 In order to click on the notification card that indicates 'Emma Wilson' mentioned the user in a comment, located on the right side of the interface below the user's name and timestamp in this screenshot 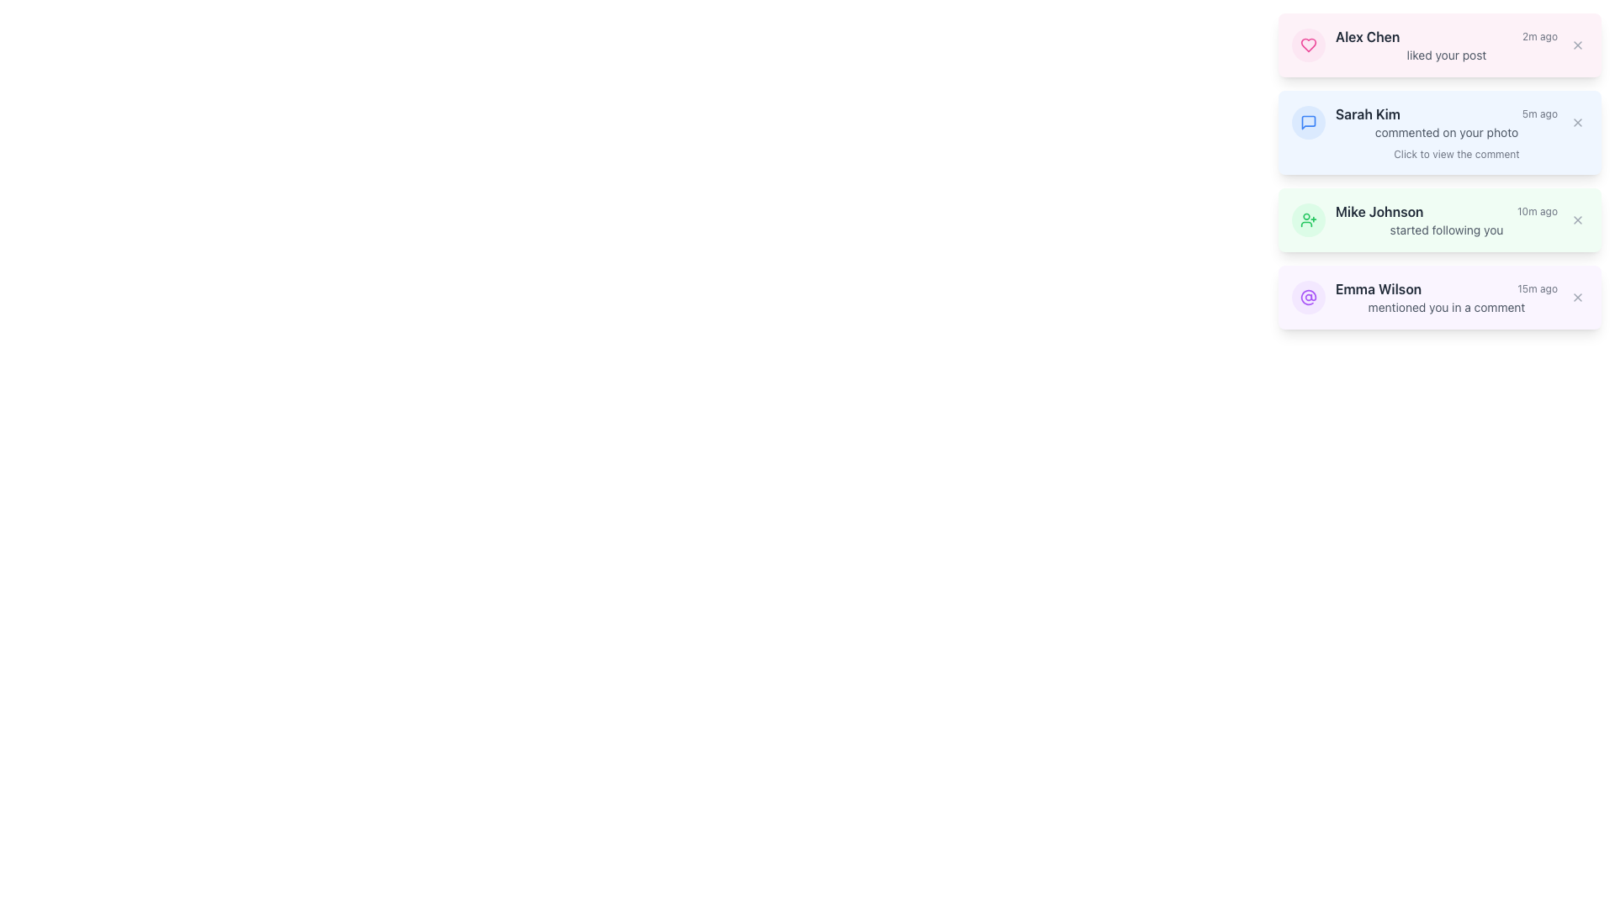, I will do `click(1445, 308)`.